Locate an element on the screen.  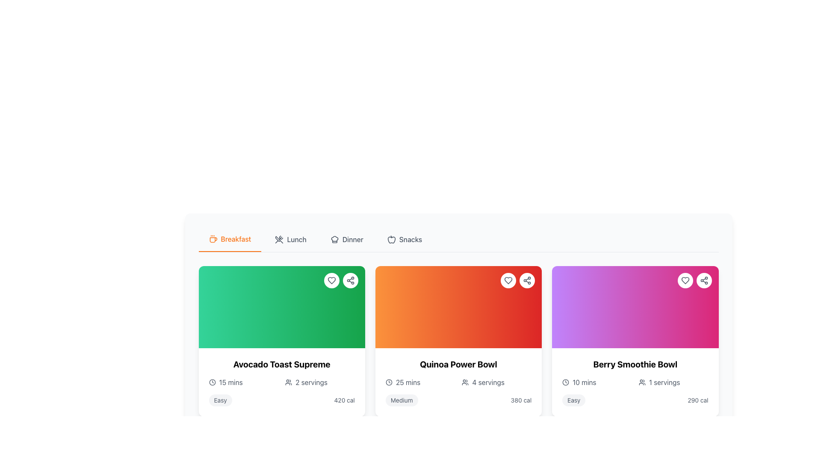
the text label that displays the title of the recipe or food item for additional details is located at coordinates (458, 364).